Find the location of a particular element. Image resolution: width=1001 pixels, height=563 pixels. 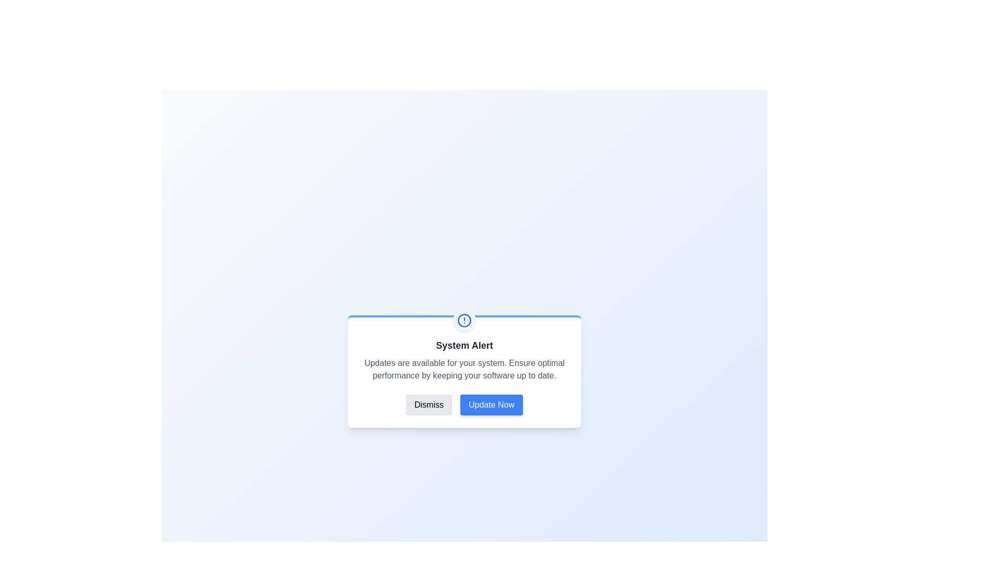

'Dismiss' button to close the alert is located at coordinates (429, 404).